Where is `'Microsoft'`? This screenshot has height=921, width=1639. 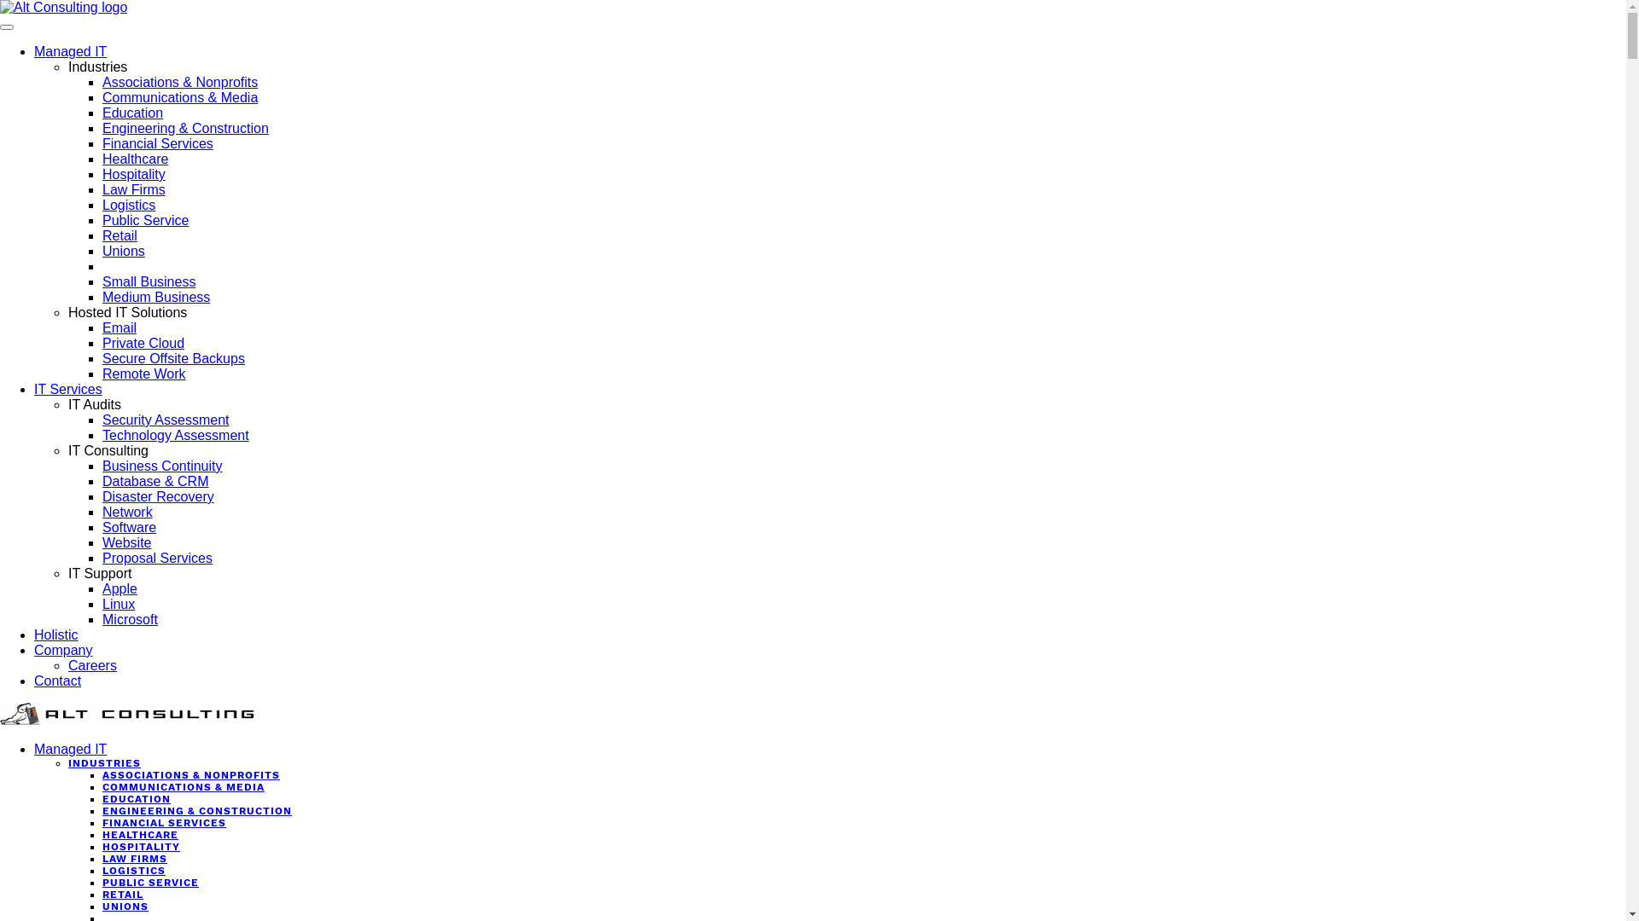 'Microsoft' is located at coordinates (129, 619).